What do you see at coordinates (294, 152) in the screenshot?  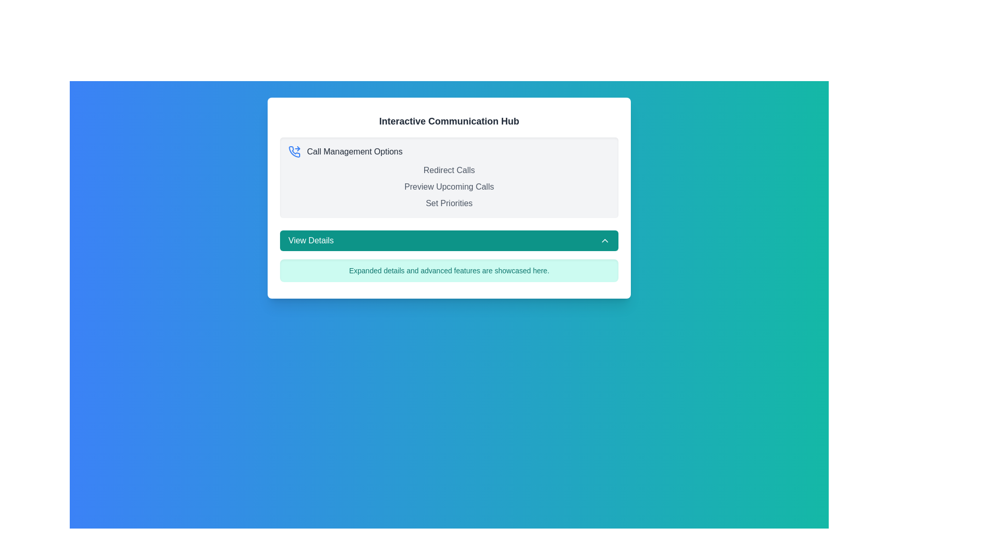 I see `the phone icon with an outward arrow indicating call forwarding functionality, located in the upper-left corner of the 'Call Management Options' card` at bounding box center [294, 152].